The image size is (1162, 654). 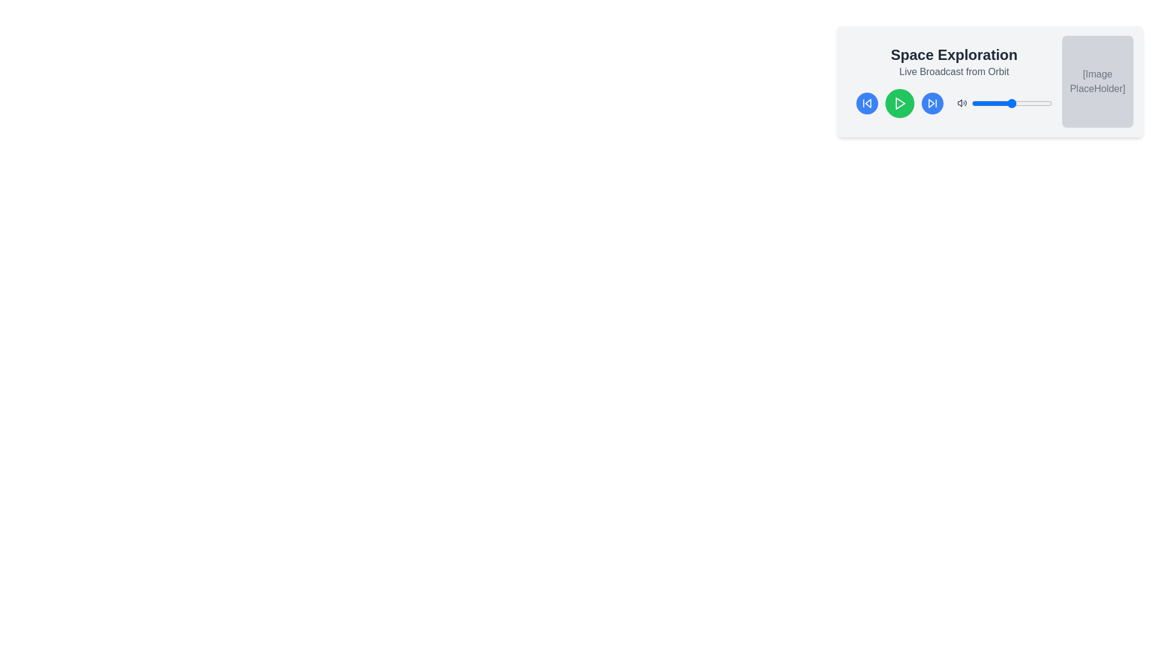 I want to click on the slider value, so click(x=972, y=102).